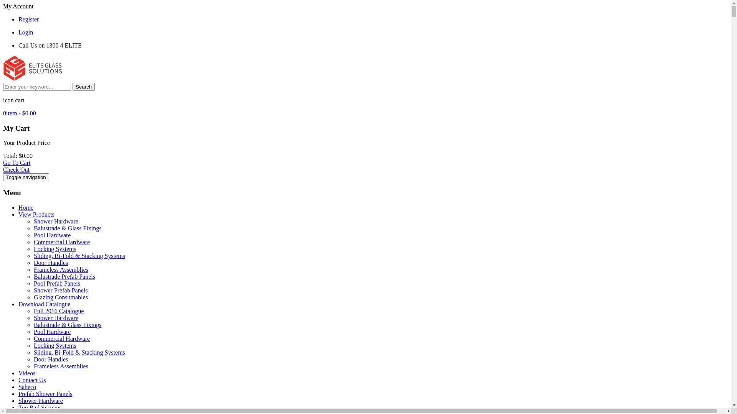 This screenshot has width=737, height=414. What do you see at coordinates (83, 86) in the screenshot?
I see `'Search'` at bounding box center [83, 86].